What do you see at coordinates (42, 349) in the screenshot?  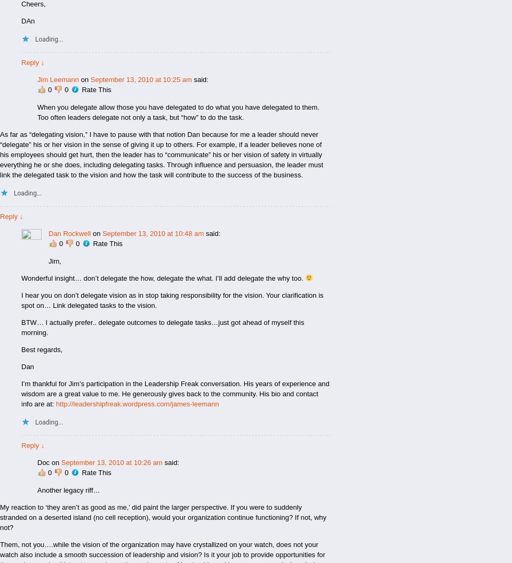 I see `'Best regards,'` at bounding box center [42, 349].